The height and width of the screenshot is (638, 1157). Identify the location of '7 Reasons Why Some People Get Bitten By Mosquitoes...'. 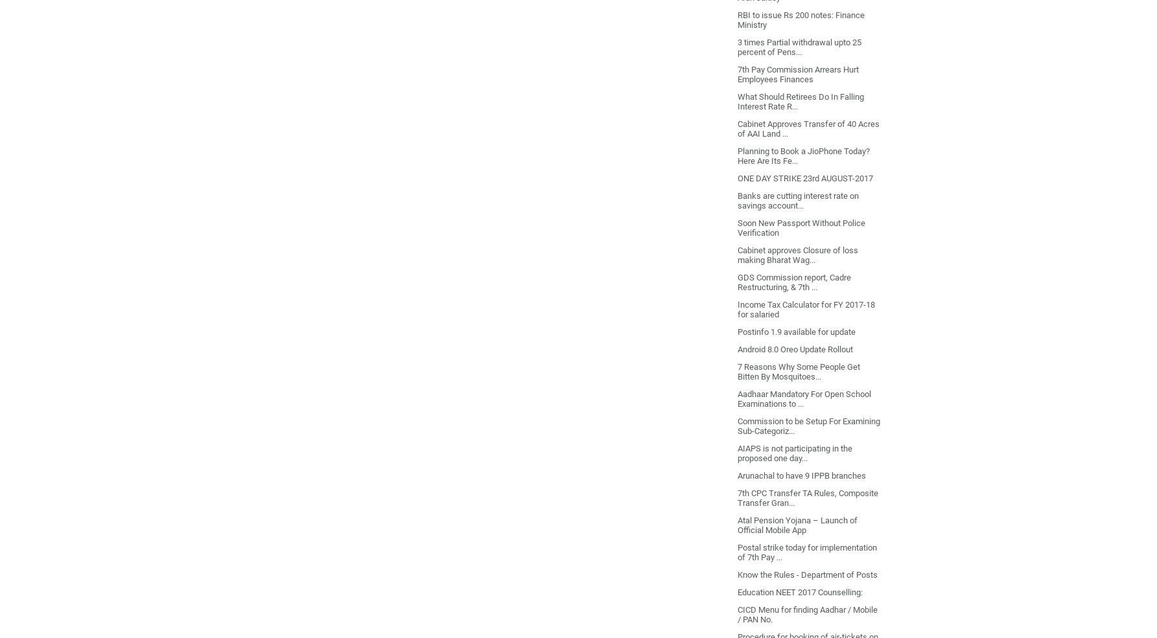
(797, 370).